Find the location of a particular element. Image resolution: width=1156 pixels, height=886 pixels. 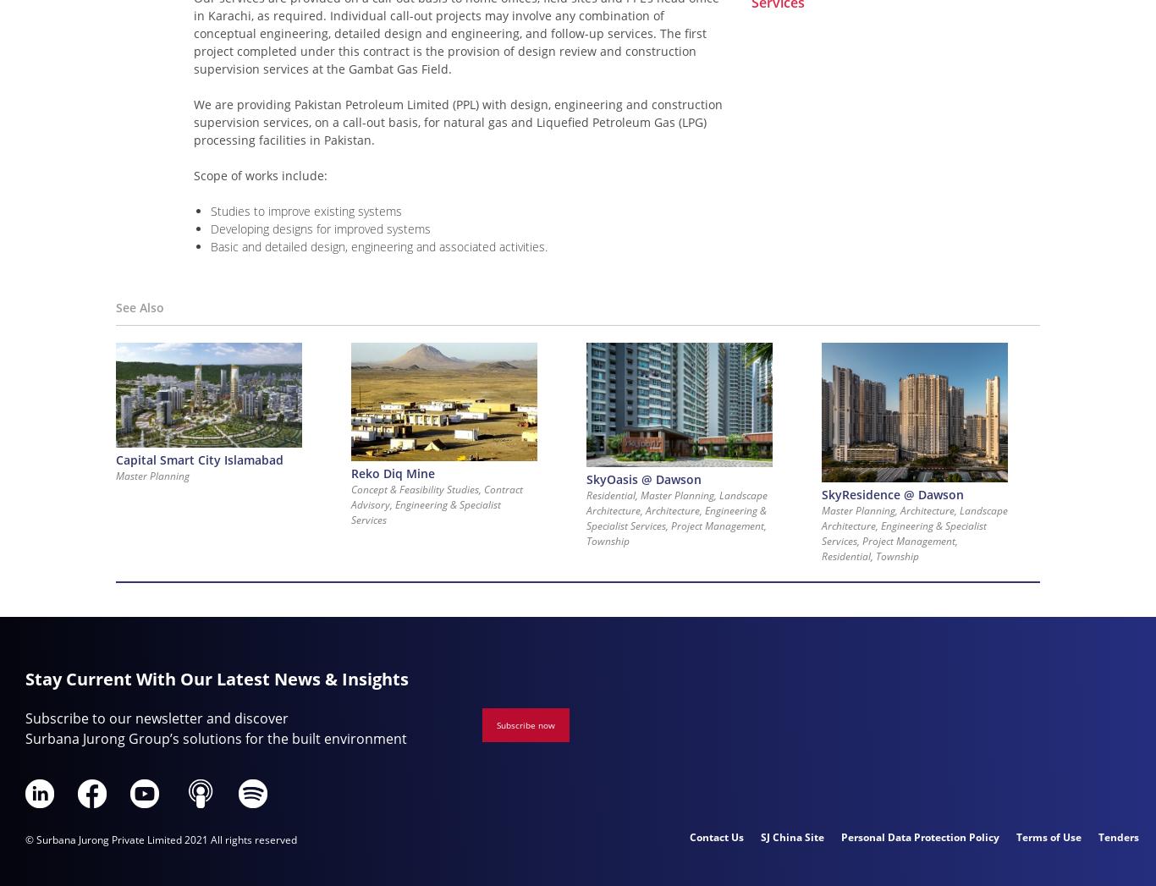

'We are providing Pakistan Petroleum Limited (PPL) with design, engineering and construction supervision services, on a call-out basis, for natural gas and Liquefied Petroleum Gas (LPG) processing facilities in Pakistan.' is located at coordinates (193, 122).